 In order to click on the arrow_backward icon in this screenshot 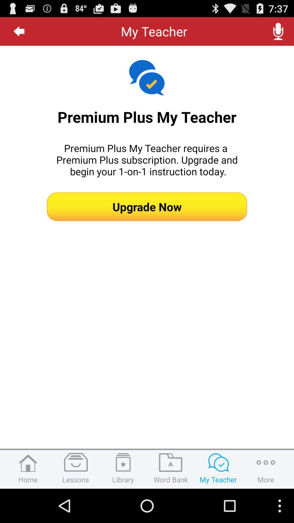, I will do `click(19, 33)`.